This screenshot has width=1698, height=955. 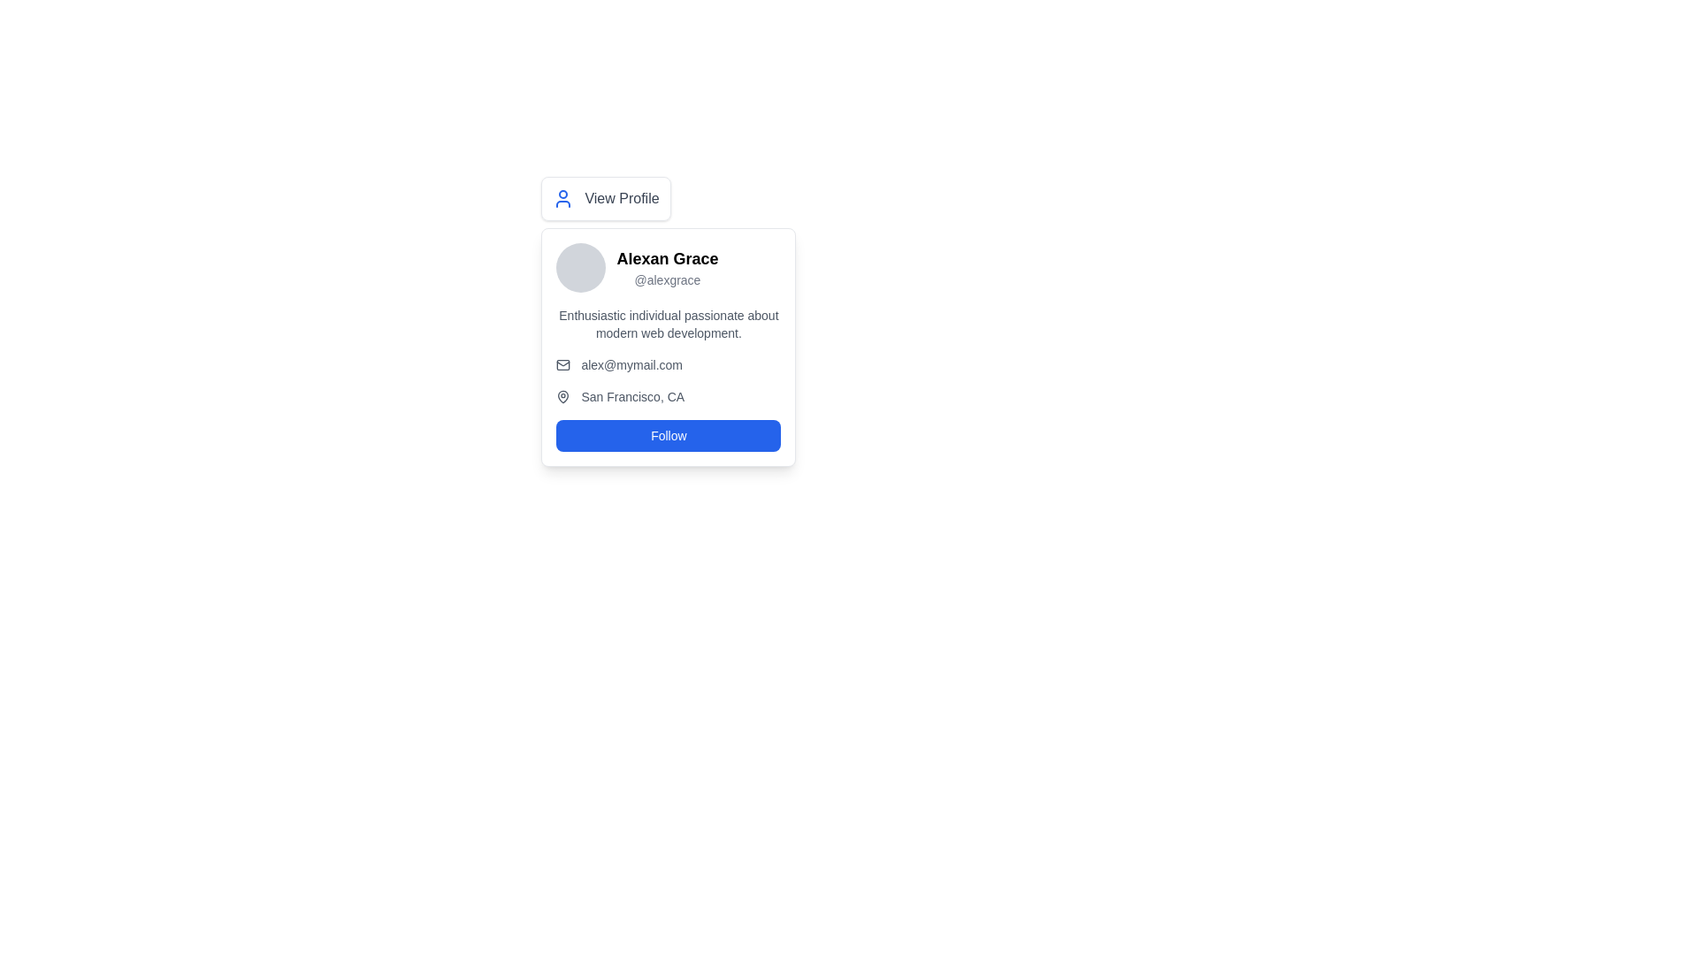 What do you see at coordinates (668, 363) in the screenshot?
I see `the Profile information component that contains the mail icon and the email address 'alex@mymail.com', which is positioned below the user's description and above the location text` at bounding box center [668, 363].